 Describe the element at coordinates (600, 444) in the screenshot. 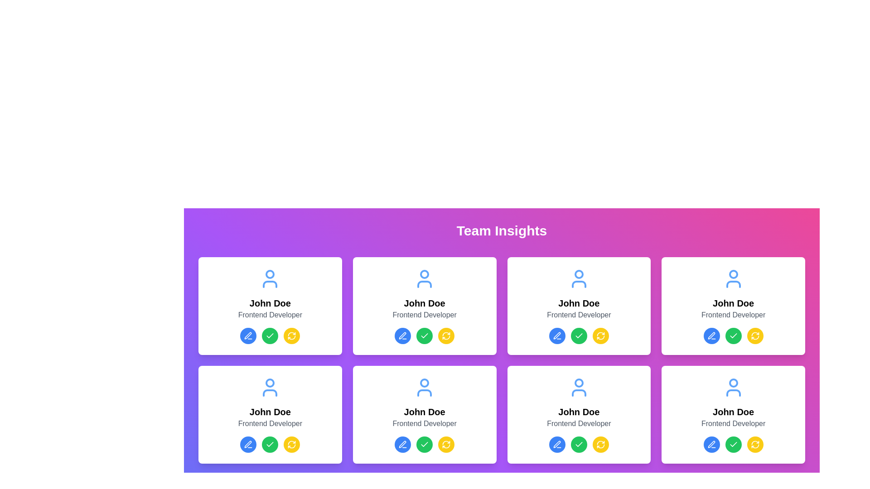

I see `the circular yellow button with a white refresh icon, the third button in a horizontal group of action buttons` at that location.